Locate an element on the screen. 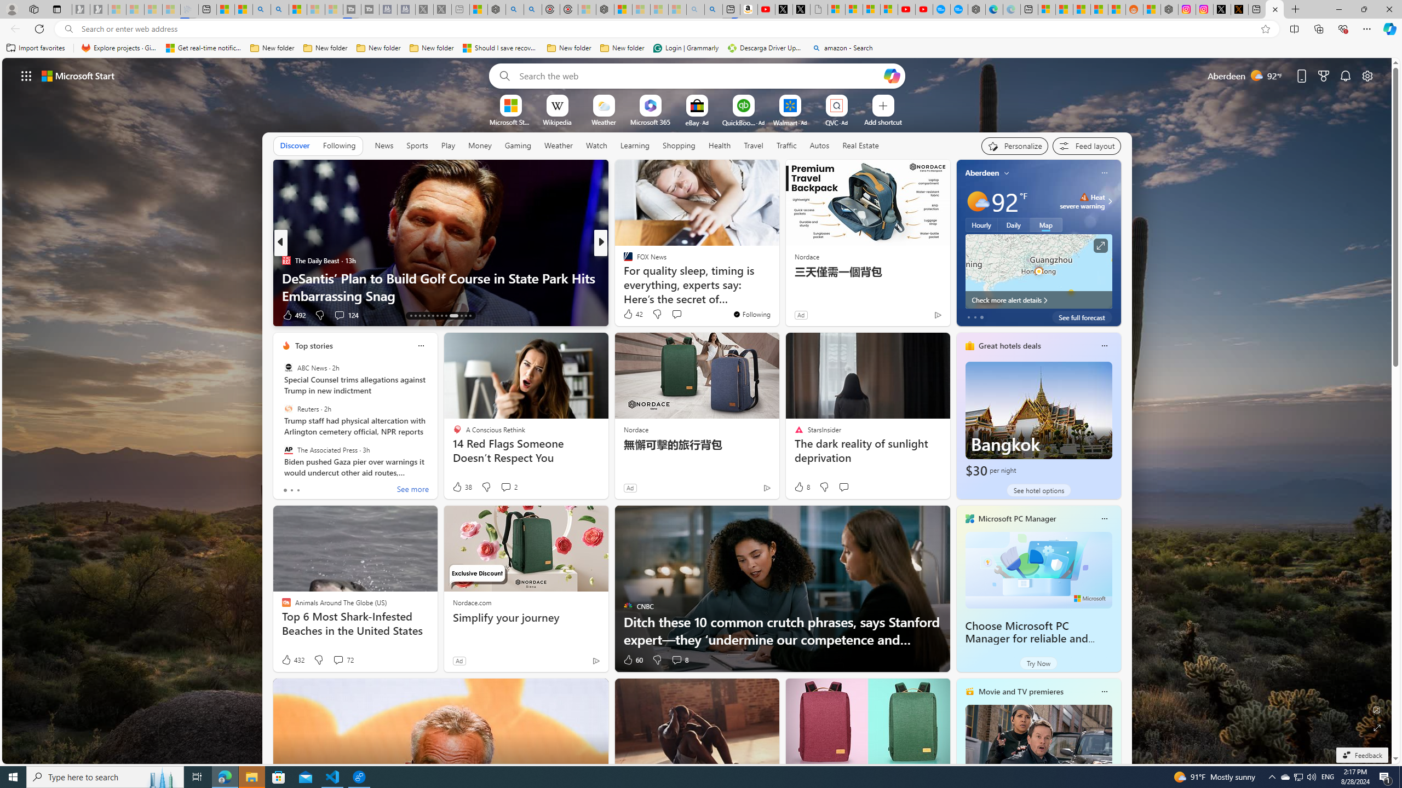 The image size is (1402, 788). 'Daily' is located at coordinates (1013, 224).